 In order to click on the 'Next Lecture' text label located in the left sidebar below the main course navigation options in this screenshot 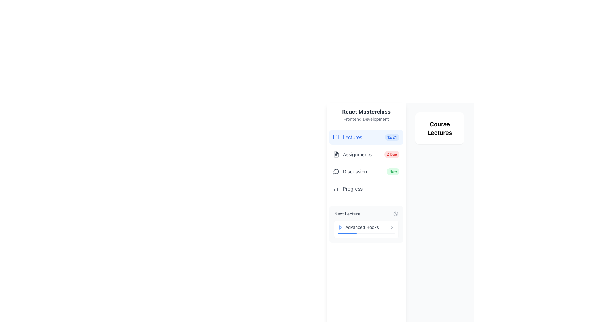, I will do `click(347, 214)`.